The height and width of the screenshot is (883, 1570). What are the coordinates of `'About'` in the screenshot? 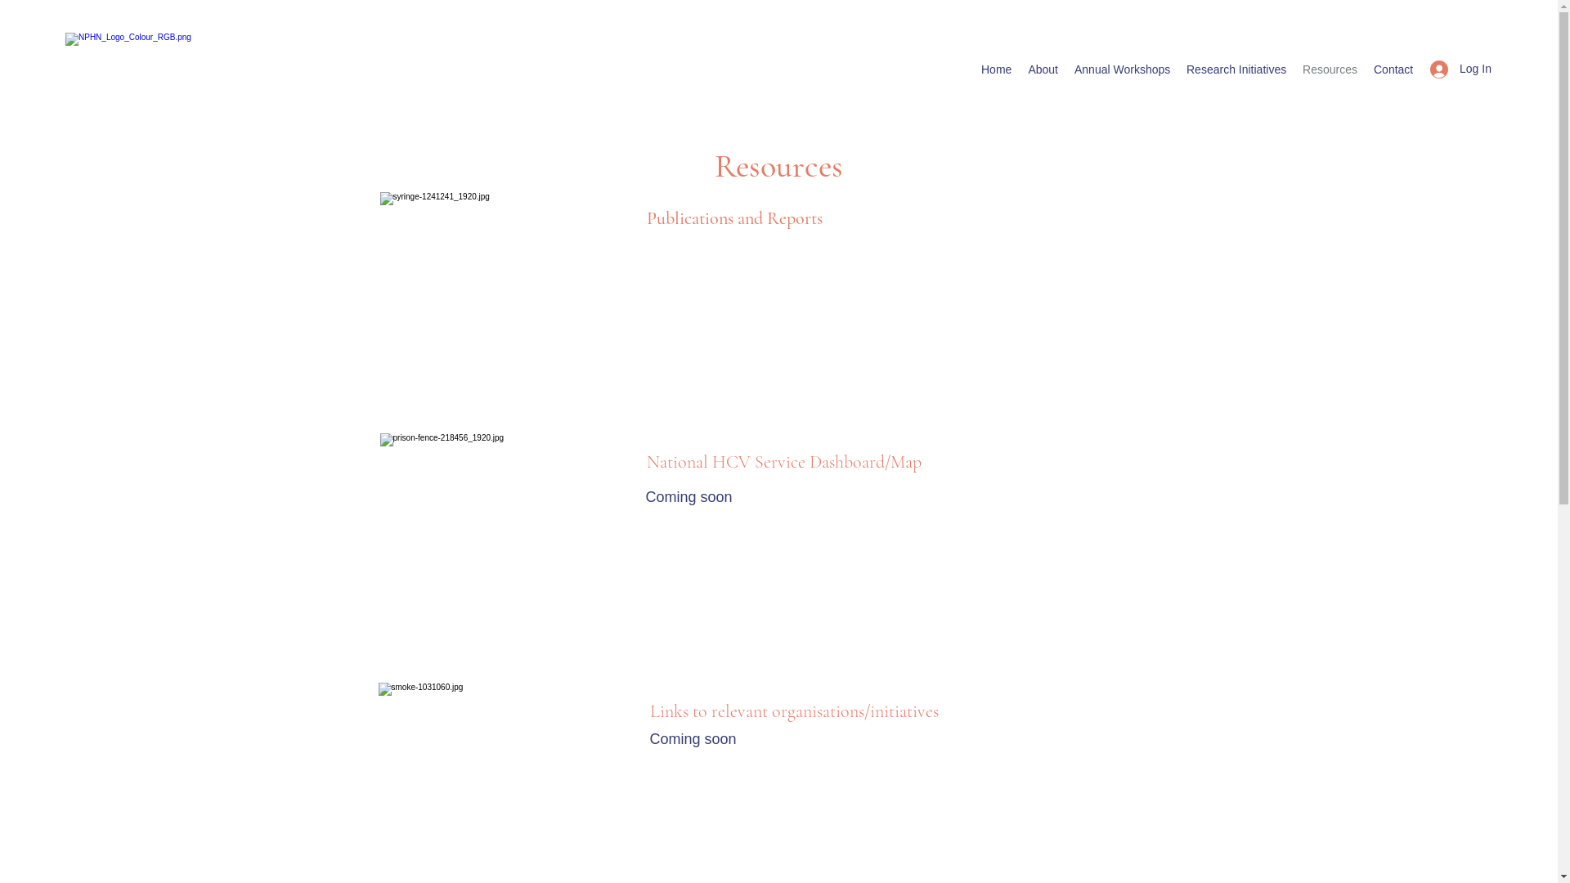 It's located at (1019, 68).